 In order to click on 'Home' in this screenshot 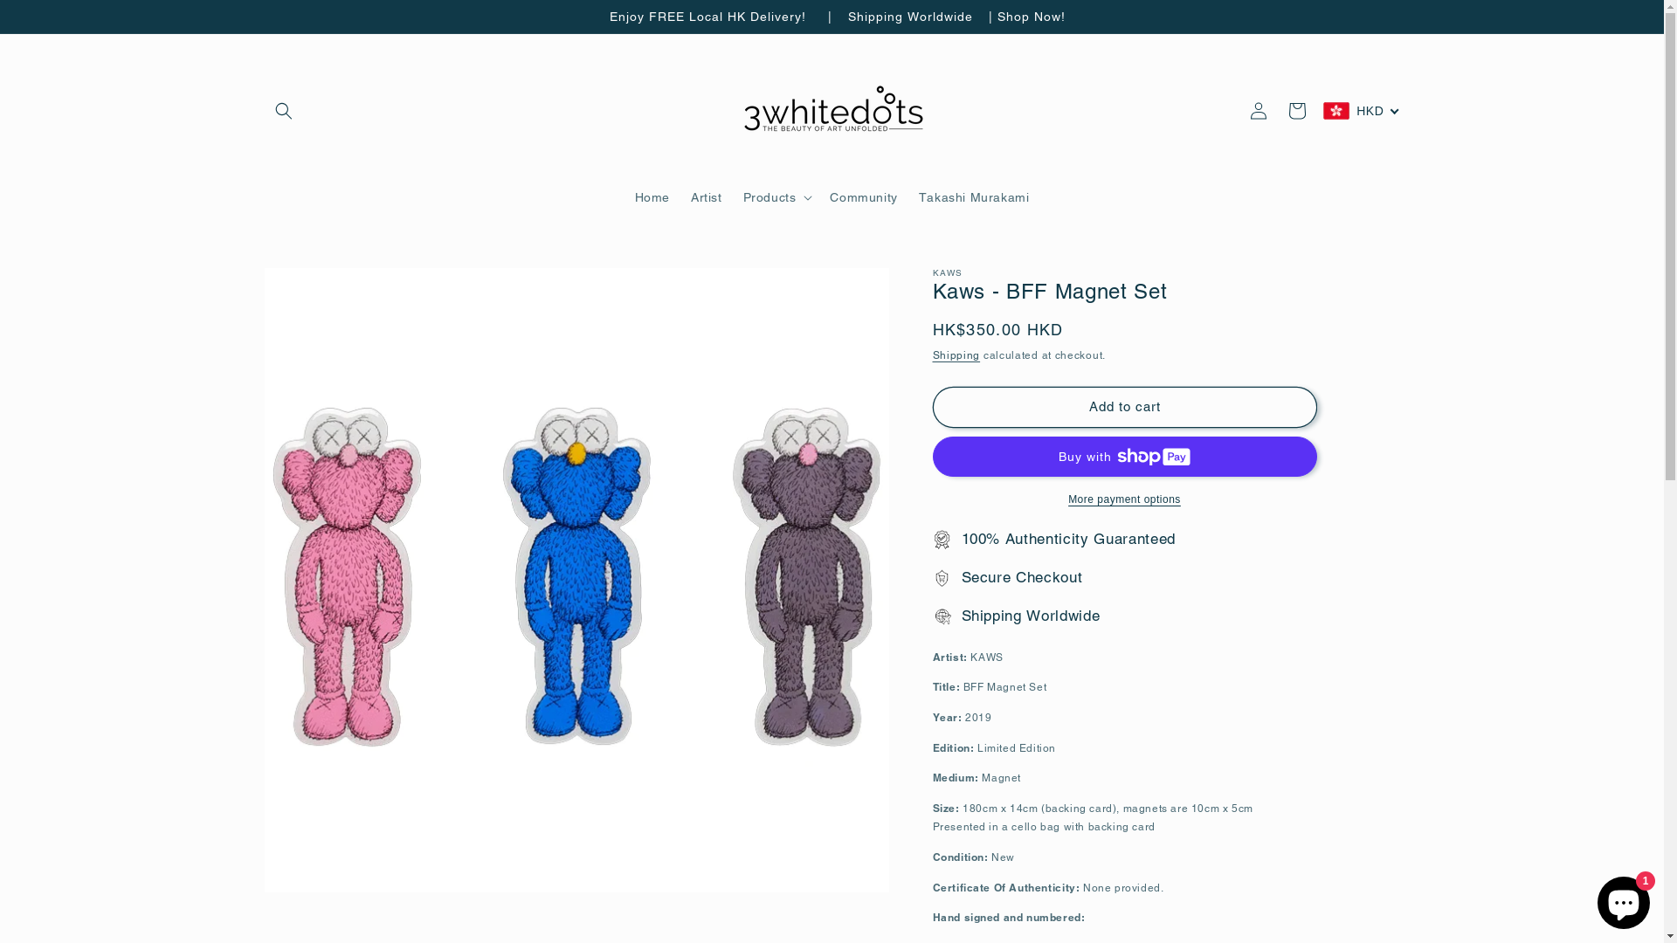, I will do `click(652, 196)`.